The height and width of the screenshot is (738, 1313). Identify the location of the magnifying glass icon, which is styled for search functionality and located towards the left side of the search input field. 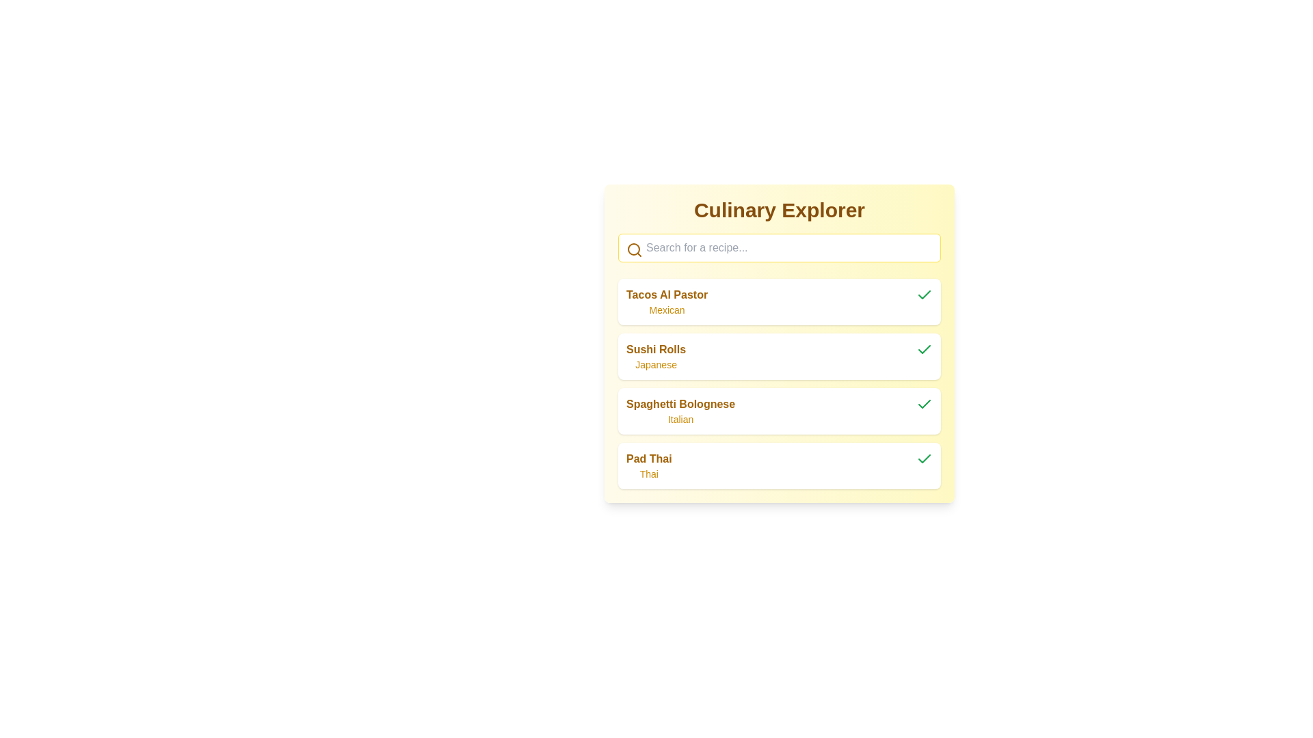
(633, 250).